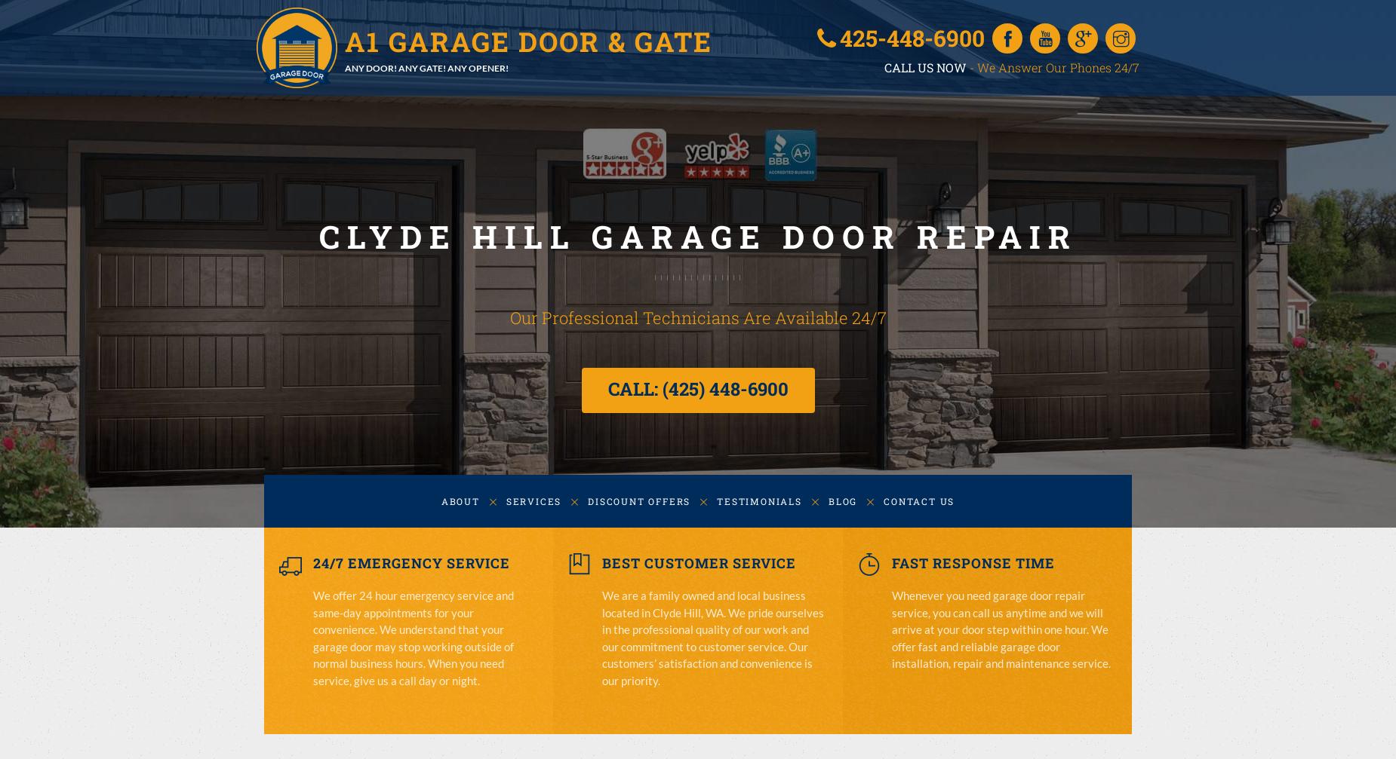 Image resolution: width=1396 pixels, height=759 pixels. I want to click on 'CLYDE HILL GARAGE DOOR REPAIR', so click(697, 235).